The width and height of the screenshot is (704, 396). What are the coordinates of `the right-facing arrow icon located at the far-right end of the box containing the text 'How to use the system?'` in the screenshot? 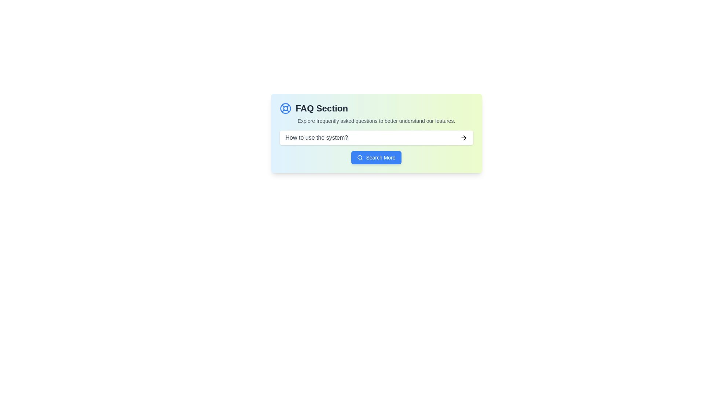 It's located at (463, 137).